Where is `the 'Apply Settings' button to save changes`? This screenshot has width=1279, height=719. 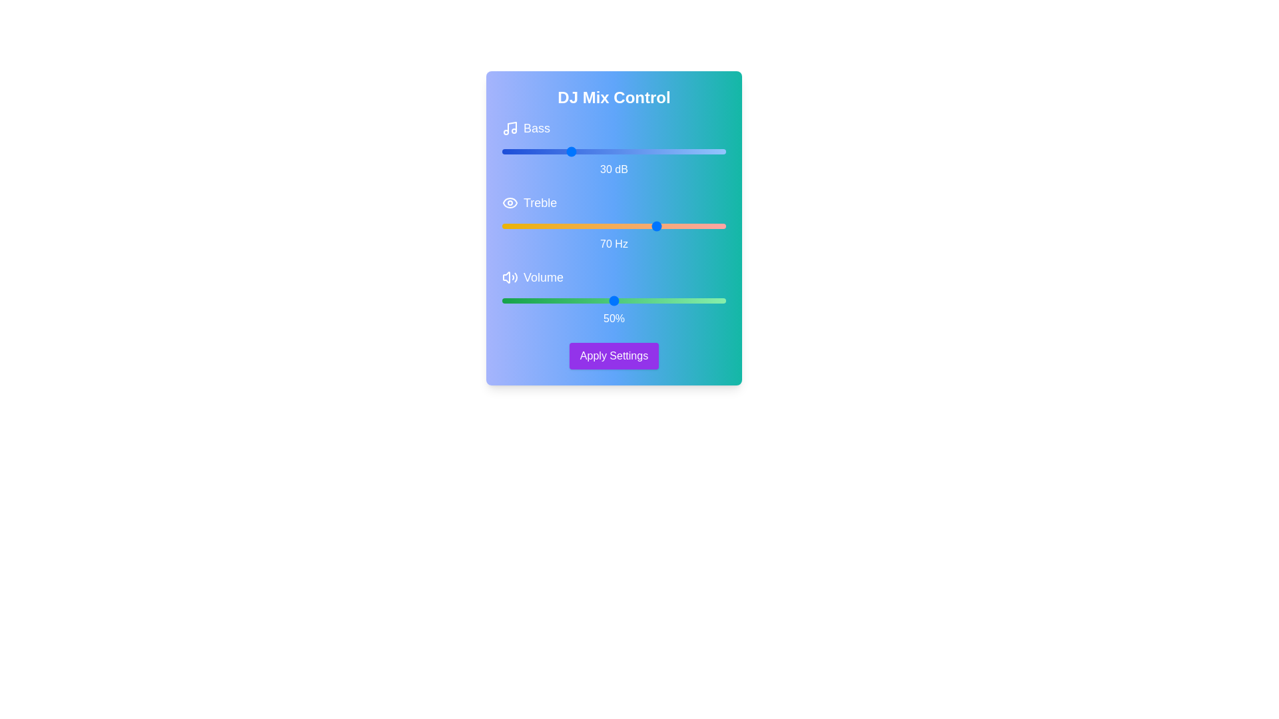 the 'Apply Settings' button to save changes is located at coordinates (613, 356).